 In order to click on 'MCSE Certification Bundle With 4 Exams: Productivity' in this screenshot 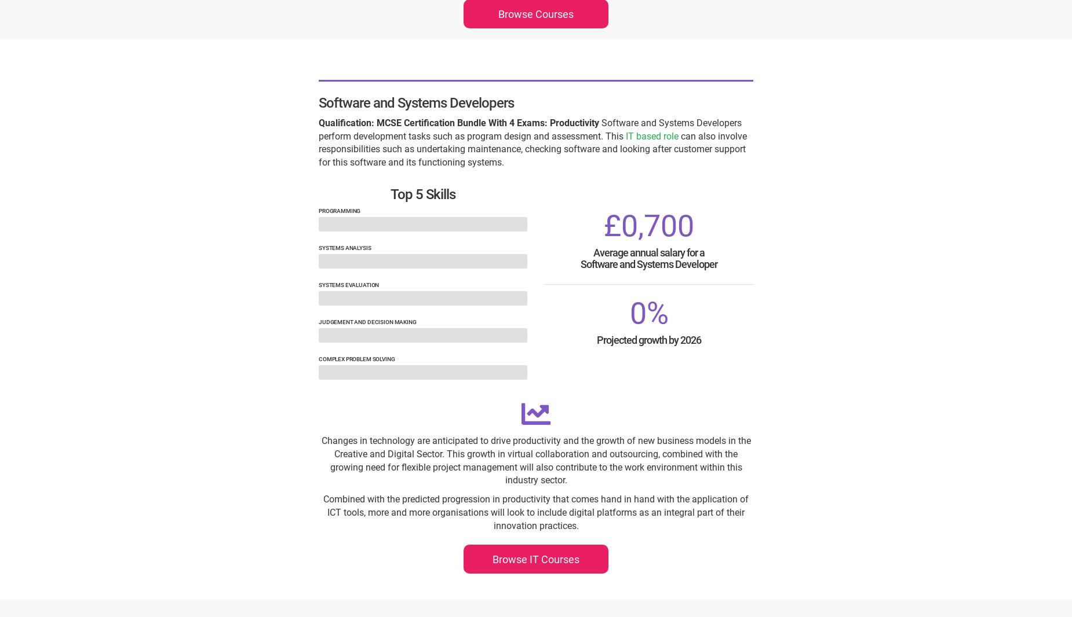, I will do `click(487, 122)`.